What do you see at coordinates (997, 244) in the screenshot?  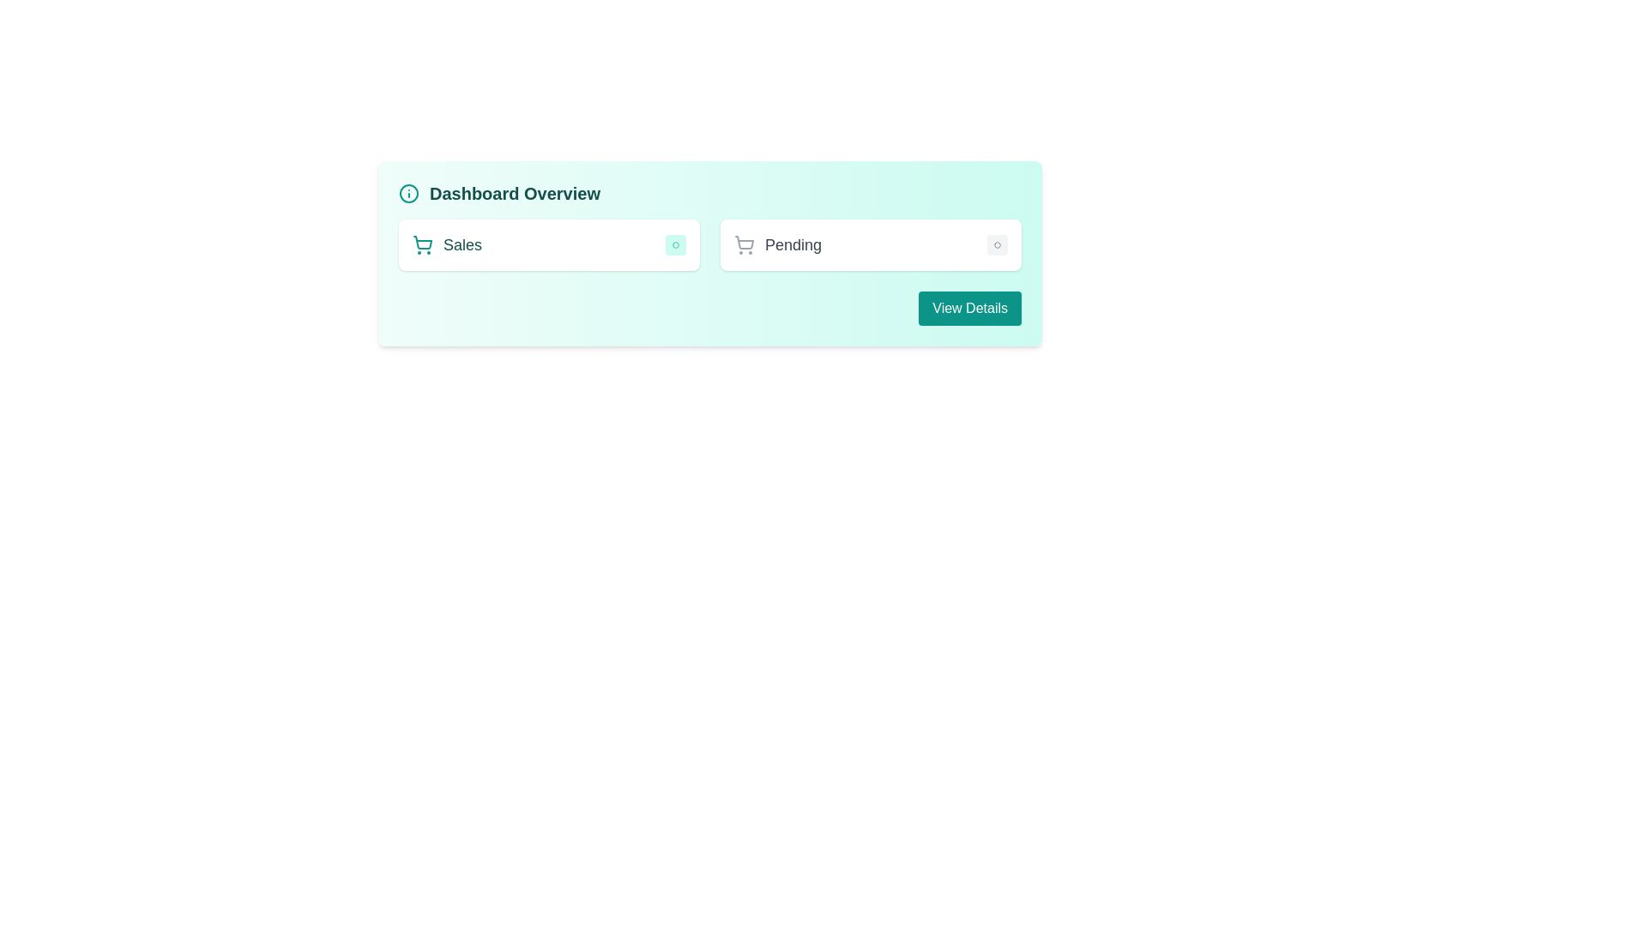 I see `the circular badge labeled 'Inactive' with a gray background, located in the top-right quadrant of the dashboard card, adjacent to the 'Pending' label` at bounding box center [997, 244].